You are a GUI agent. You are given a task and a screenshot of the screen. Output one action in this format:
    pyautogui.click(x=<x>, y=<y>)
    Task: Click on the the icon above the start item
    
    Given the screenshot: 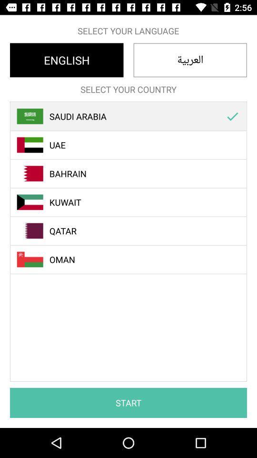 What is the action you would take?
    pyautogui.click(x=232, y=116)
    